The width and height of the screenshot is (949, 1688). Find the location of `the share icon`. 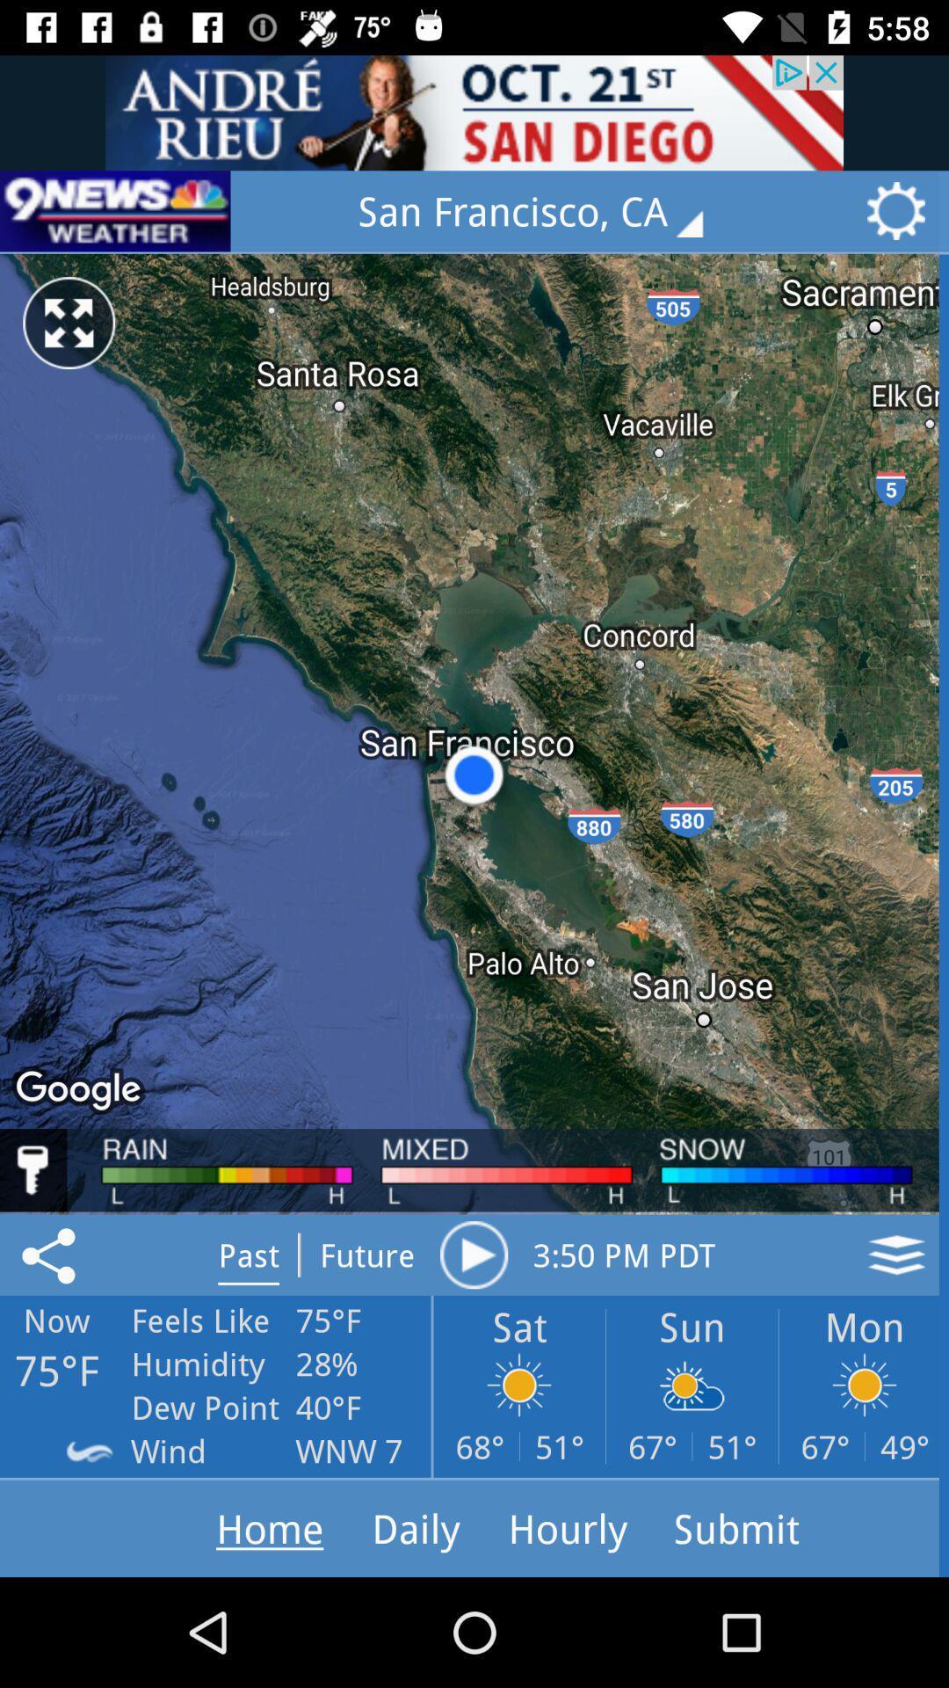

the share icon is located at coordinates (51, 1254).